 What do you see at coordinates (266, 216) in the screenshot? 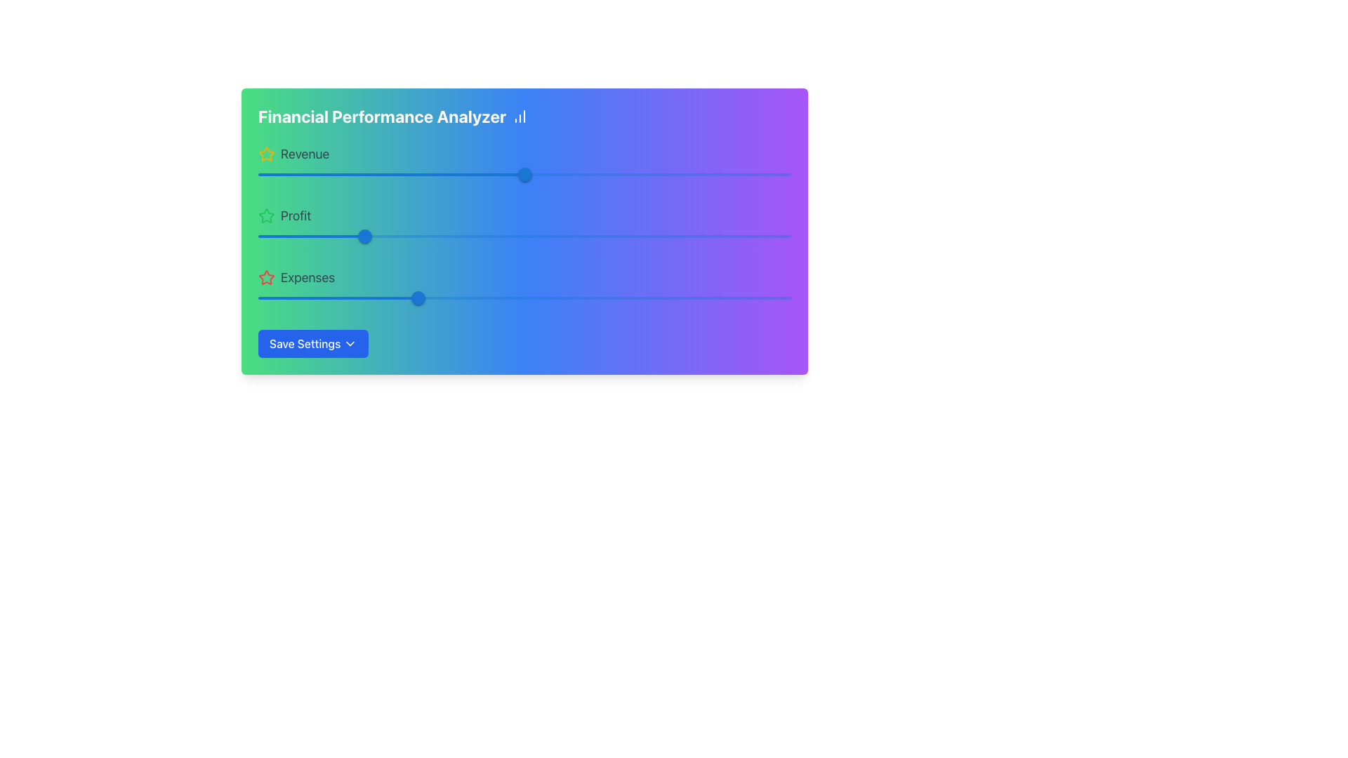
I see `the five-pointed star icon with a green outline, located to the left of the 'Profit' text label in the financial performance metrics section` at bounding box center [266, 216].